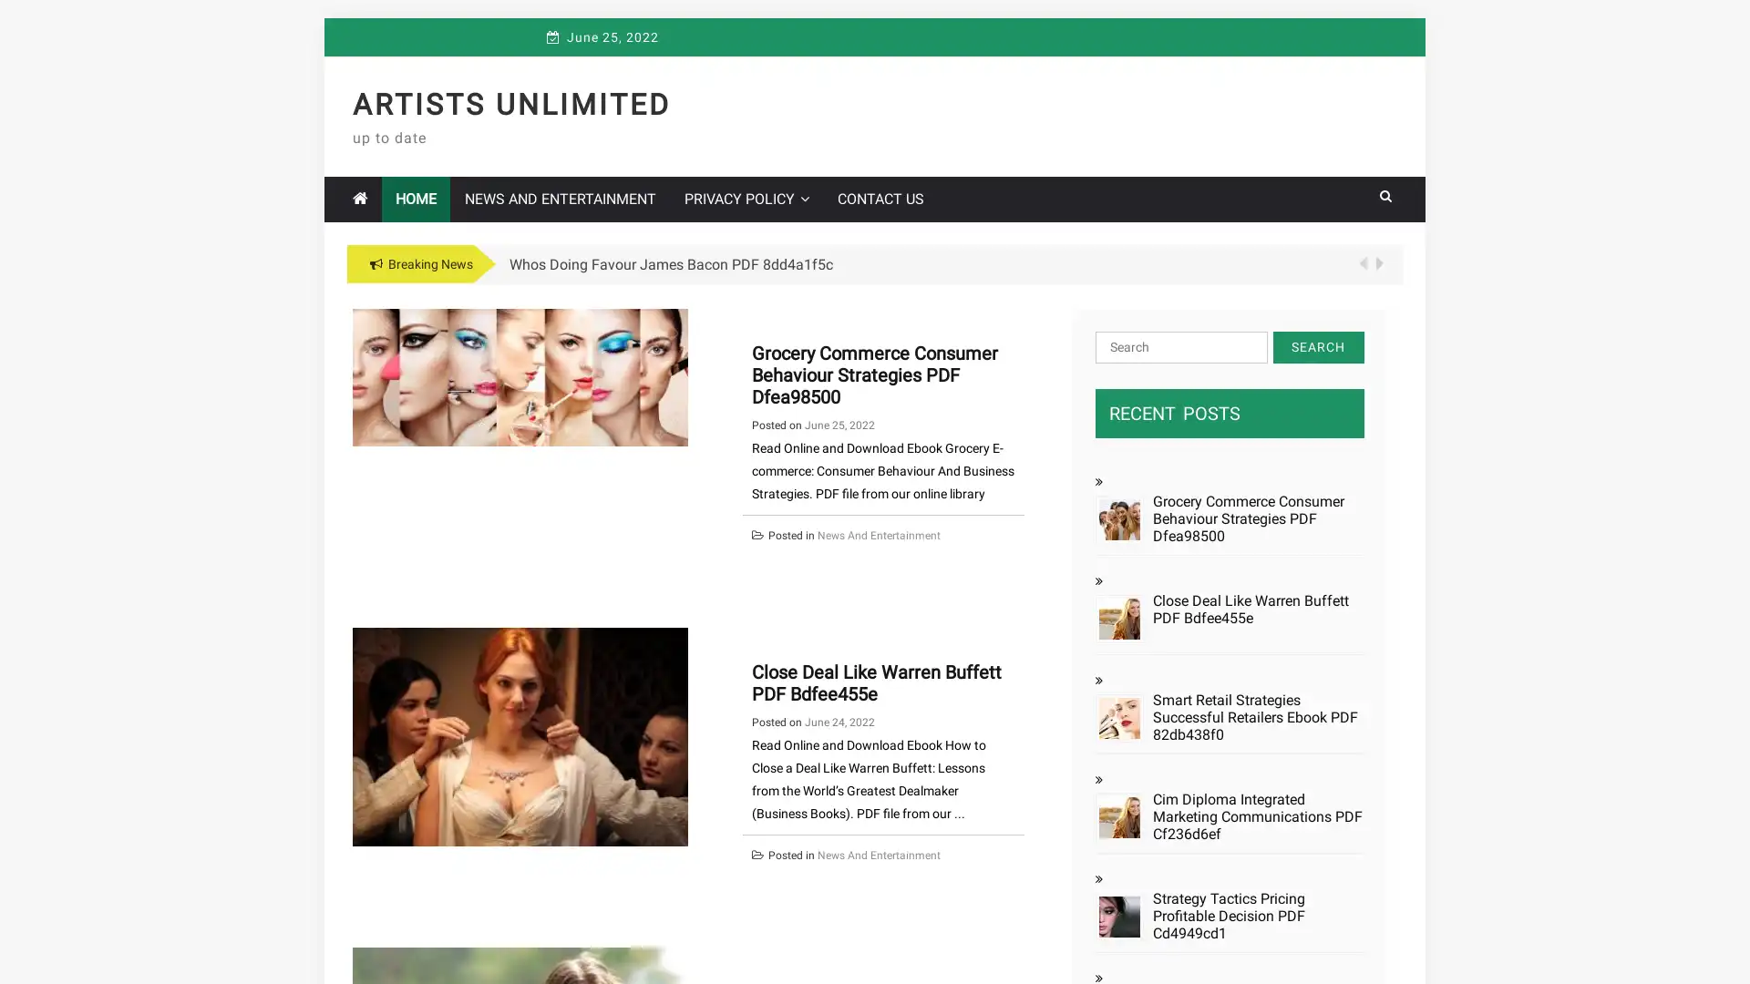 The image size is (1750, 984). I want to click on Search, so click(1317, 346).